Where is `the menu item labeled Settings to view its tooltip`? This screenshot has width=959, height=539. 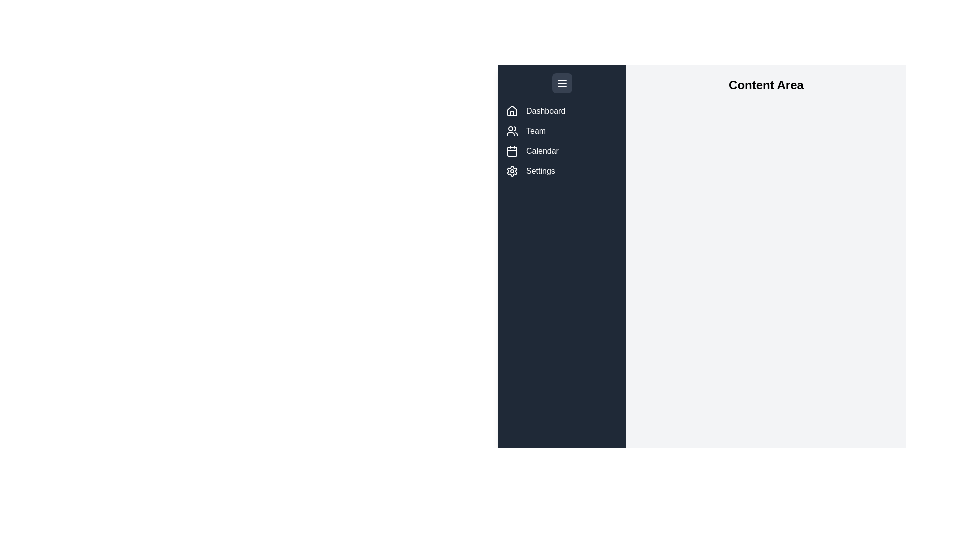
the menu item labeled Settings to view its tooltip is located at coordinates (512, 171).